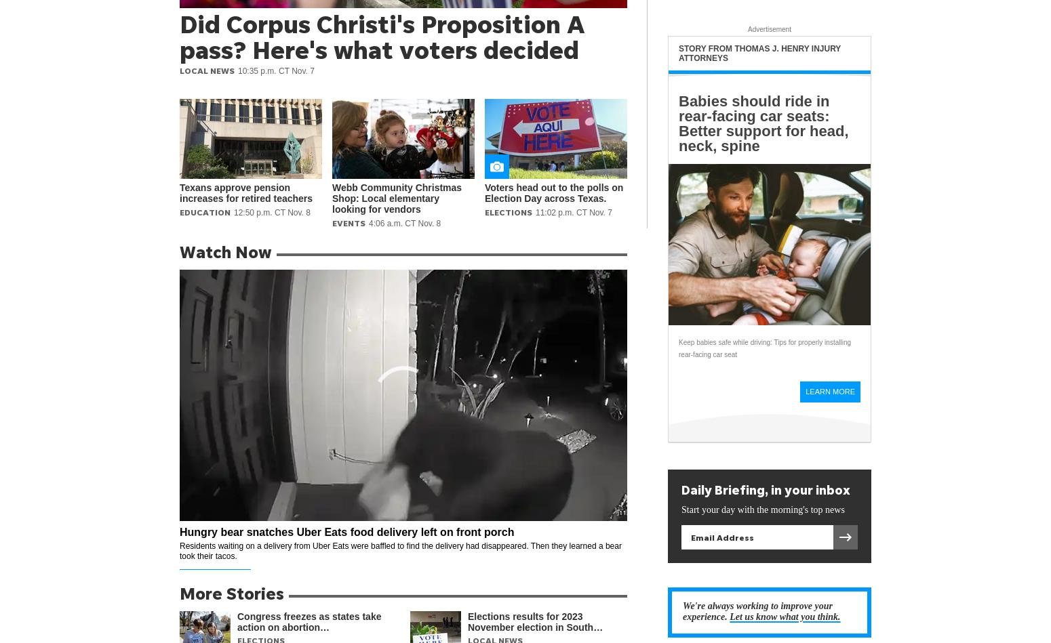 Image resolution: width=1051 pixels, height=643 pixels. Describe the element at coordinates (677, 348) in the screenshot. I see `'Keep babies safe while driving: Tips for properly installing rear-facing car seat'` at that location.